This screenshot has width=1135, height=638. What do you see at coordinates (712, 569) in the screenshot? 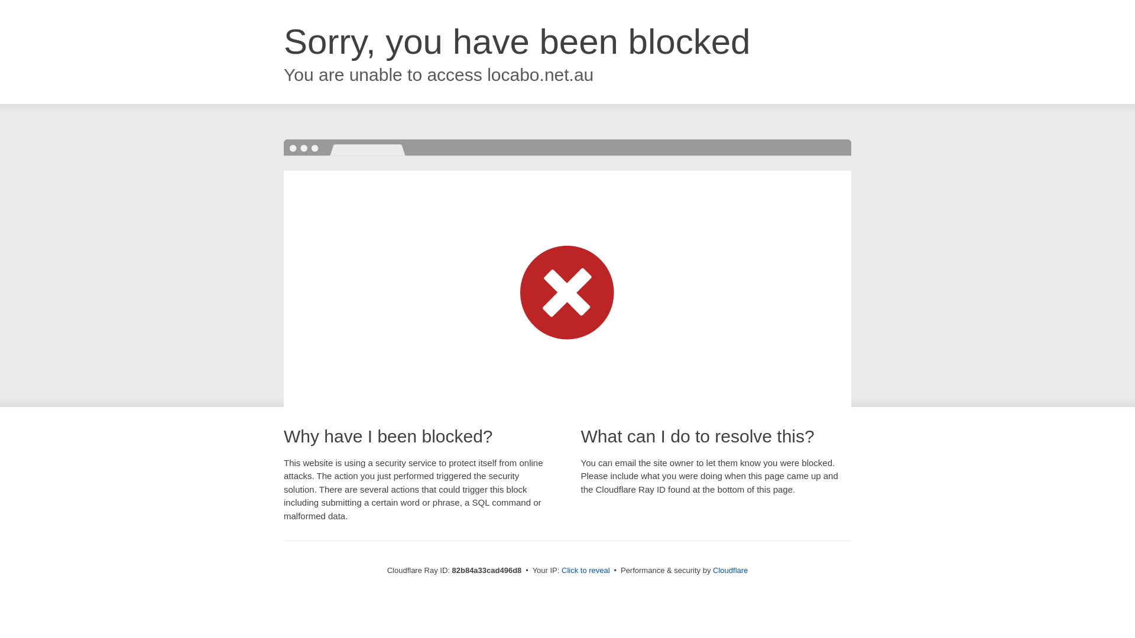
I see `'Cloudflare'` at bounding box center [712, 569].